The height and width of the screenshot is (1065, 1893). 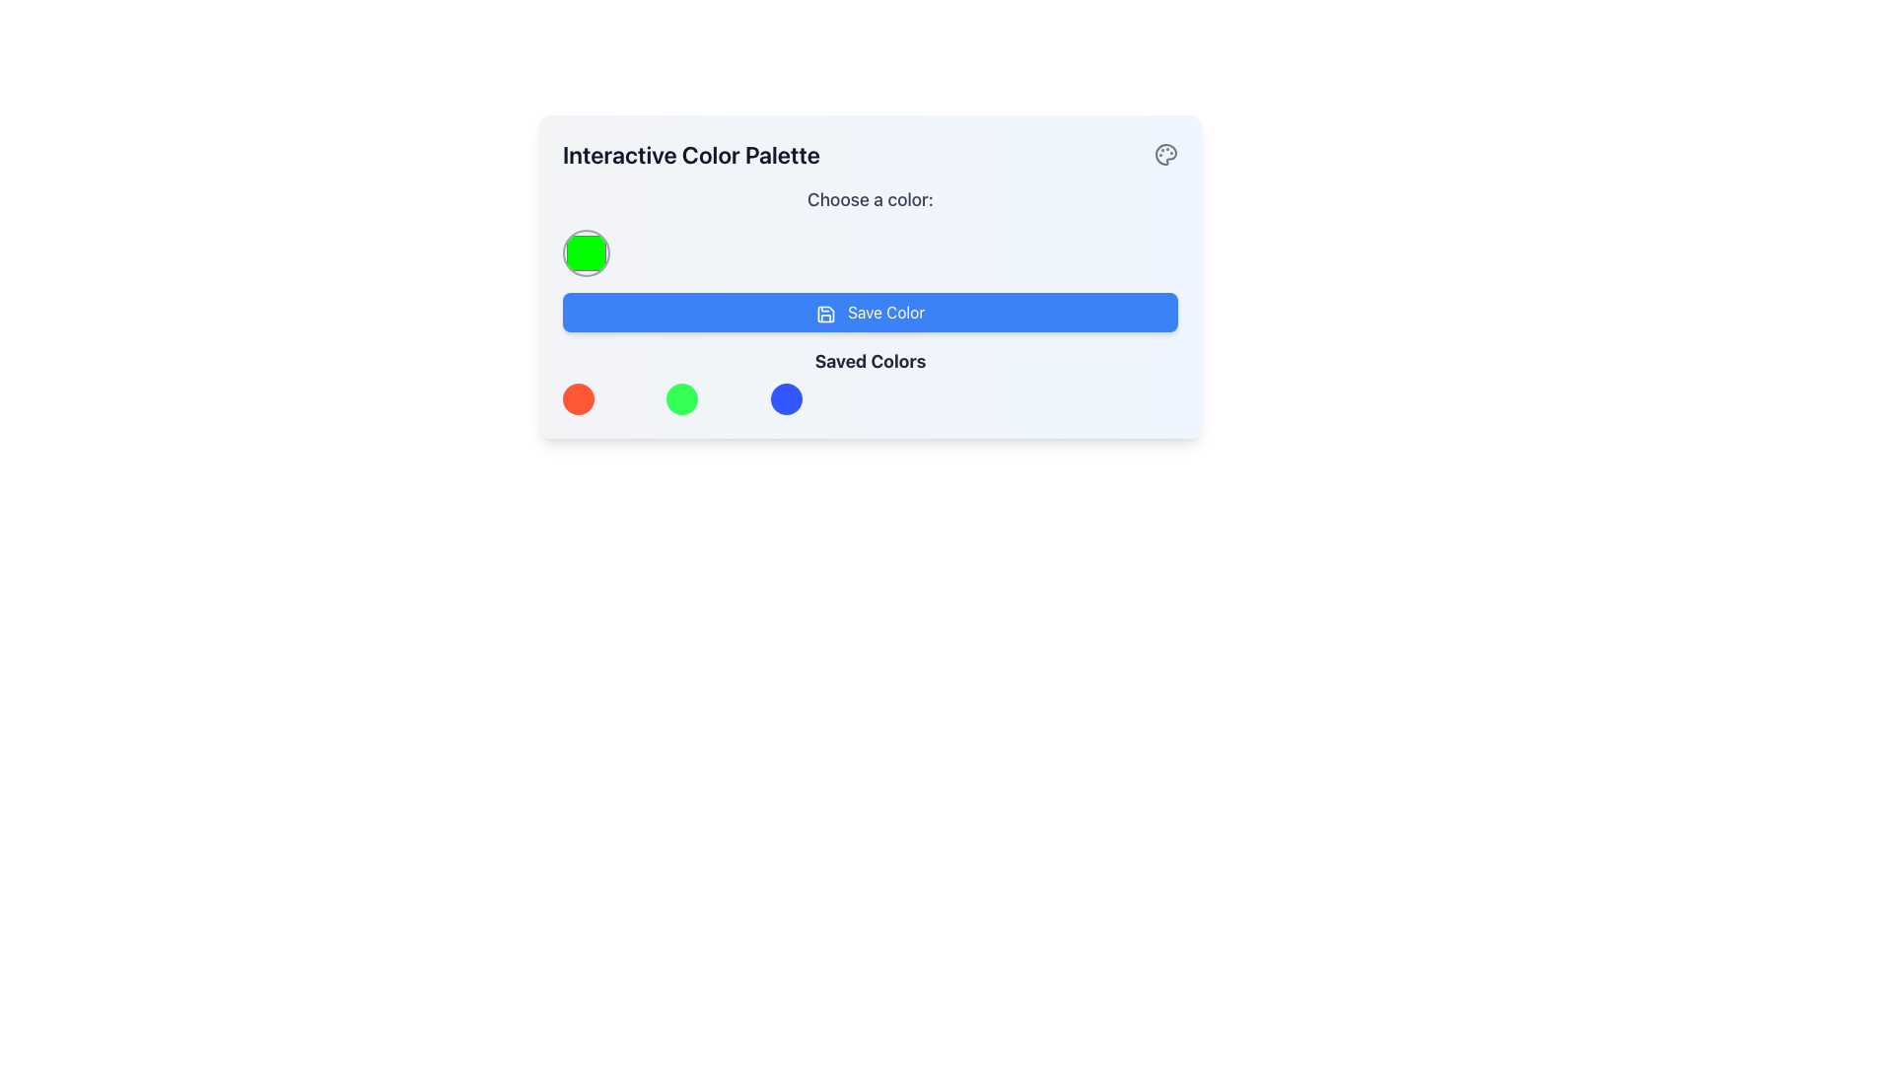 I want to click on the first circular color selector with a green fill color located below 'Choose a color:', so click(x=586, y=252).